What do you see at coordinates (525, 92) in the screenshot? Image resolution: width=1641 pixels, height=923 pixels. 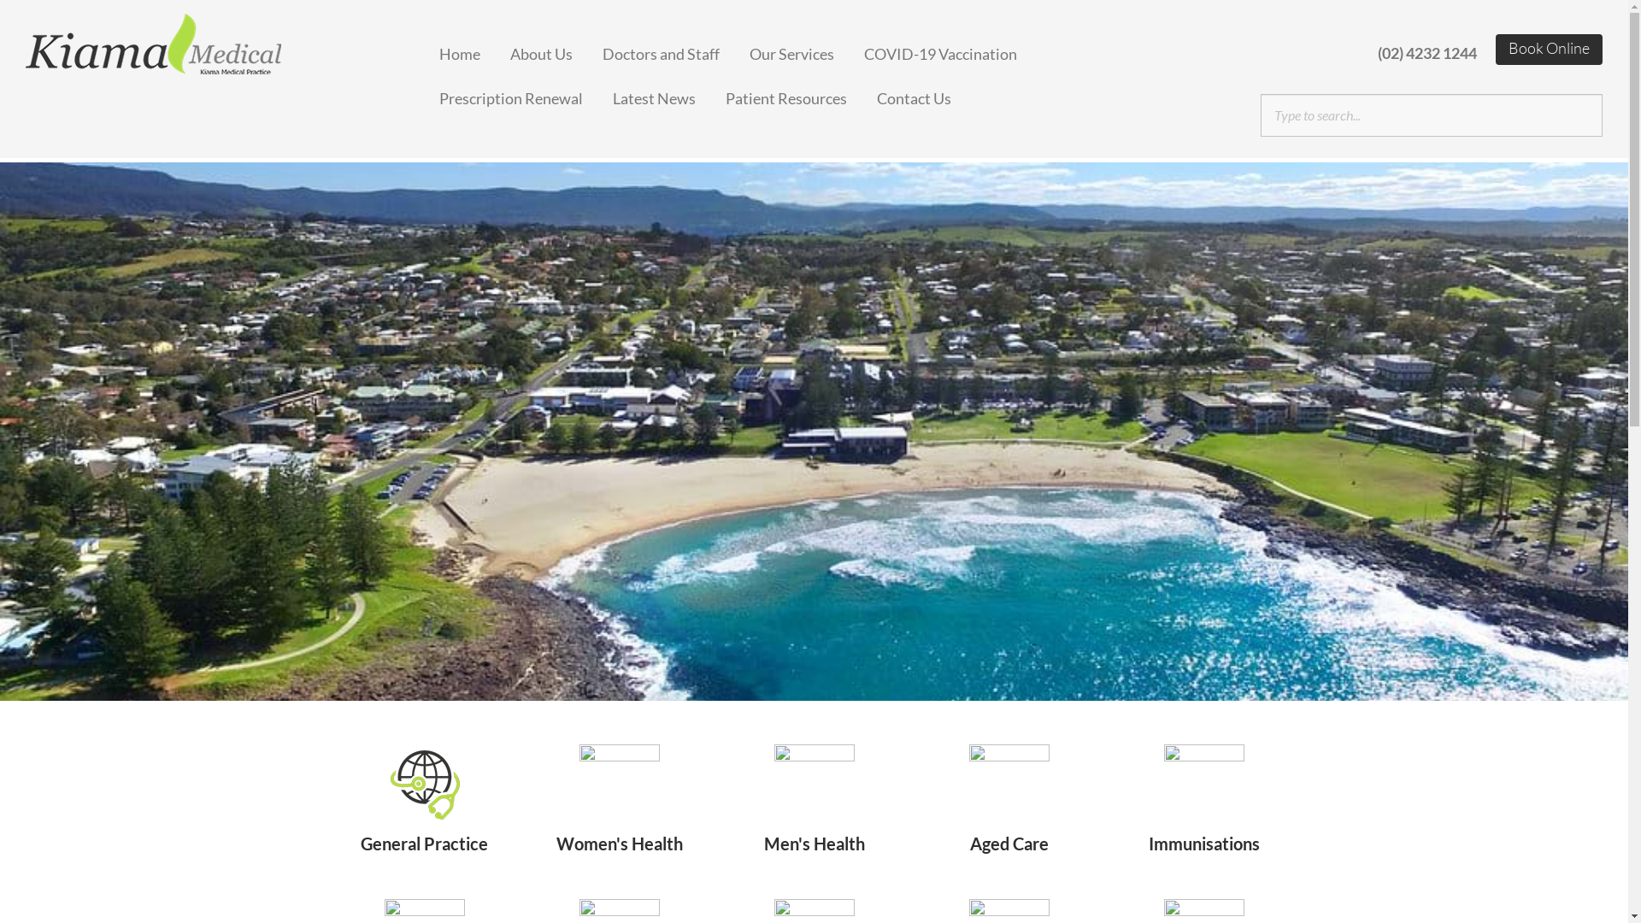 I see `'Prescription Renewal'` at bounding box center [525, 92].